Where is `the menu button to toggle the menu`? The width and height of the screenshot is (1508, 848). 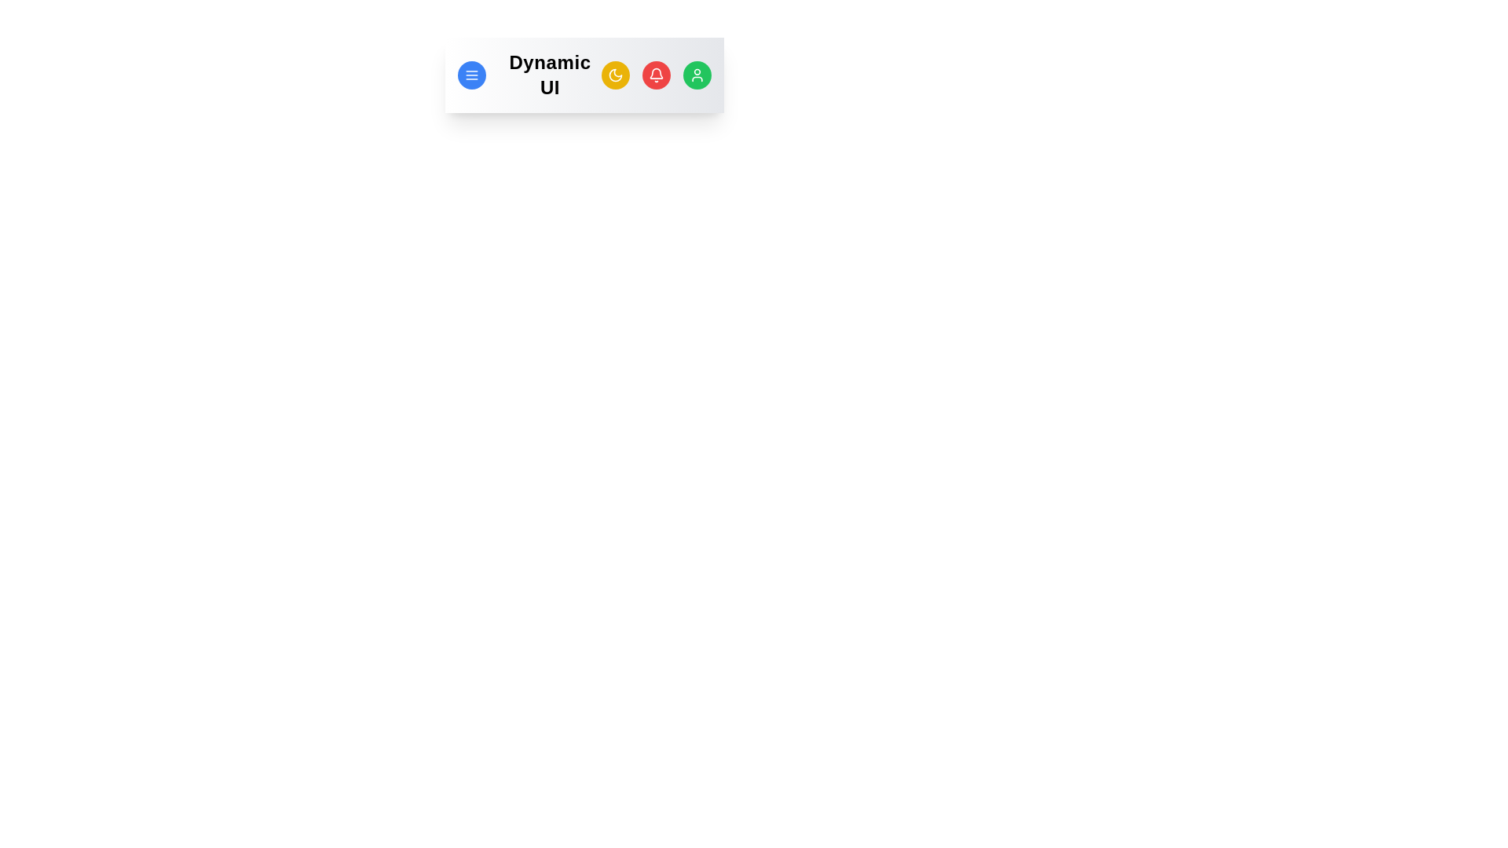
the menu button to toggle the menu is located at coordinates (470, 75).